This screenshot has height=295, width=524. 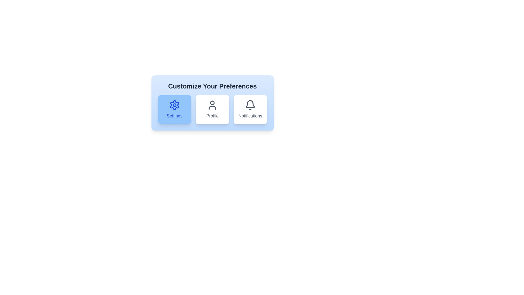 What do you see at coordinates (174, 116) in the screenshot?
I see `the 'Settings' text label, which is displayed in a blue font beneath a gear icon on a rectangular button with a blue background` at bounding box center [174, 116].